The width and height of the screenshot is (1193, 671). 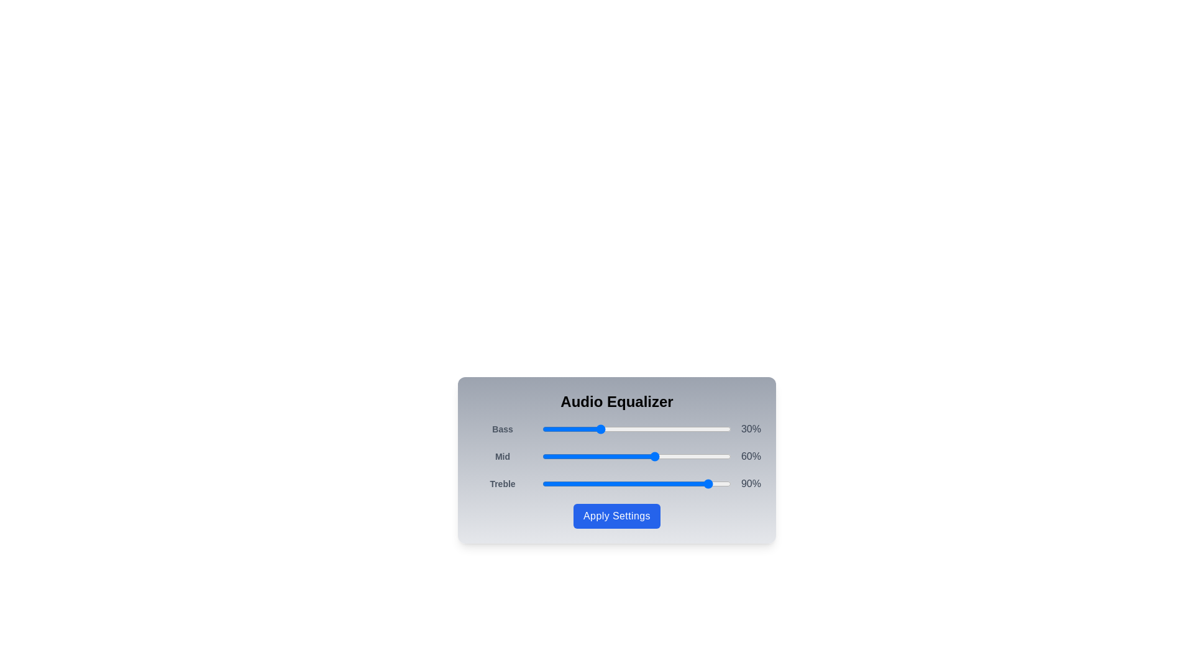 What do you see at coordinates (657, 428) in the screenshot?
I see `the 'Bass' slider to 61%` at bounding box center [657, 428].